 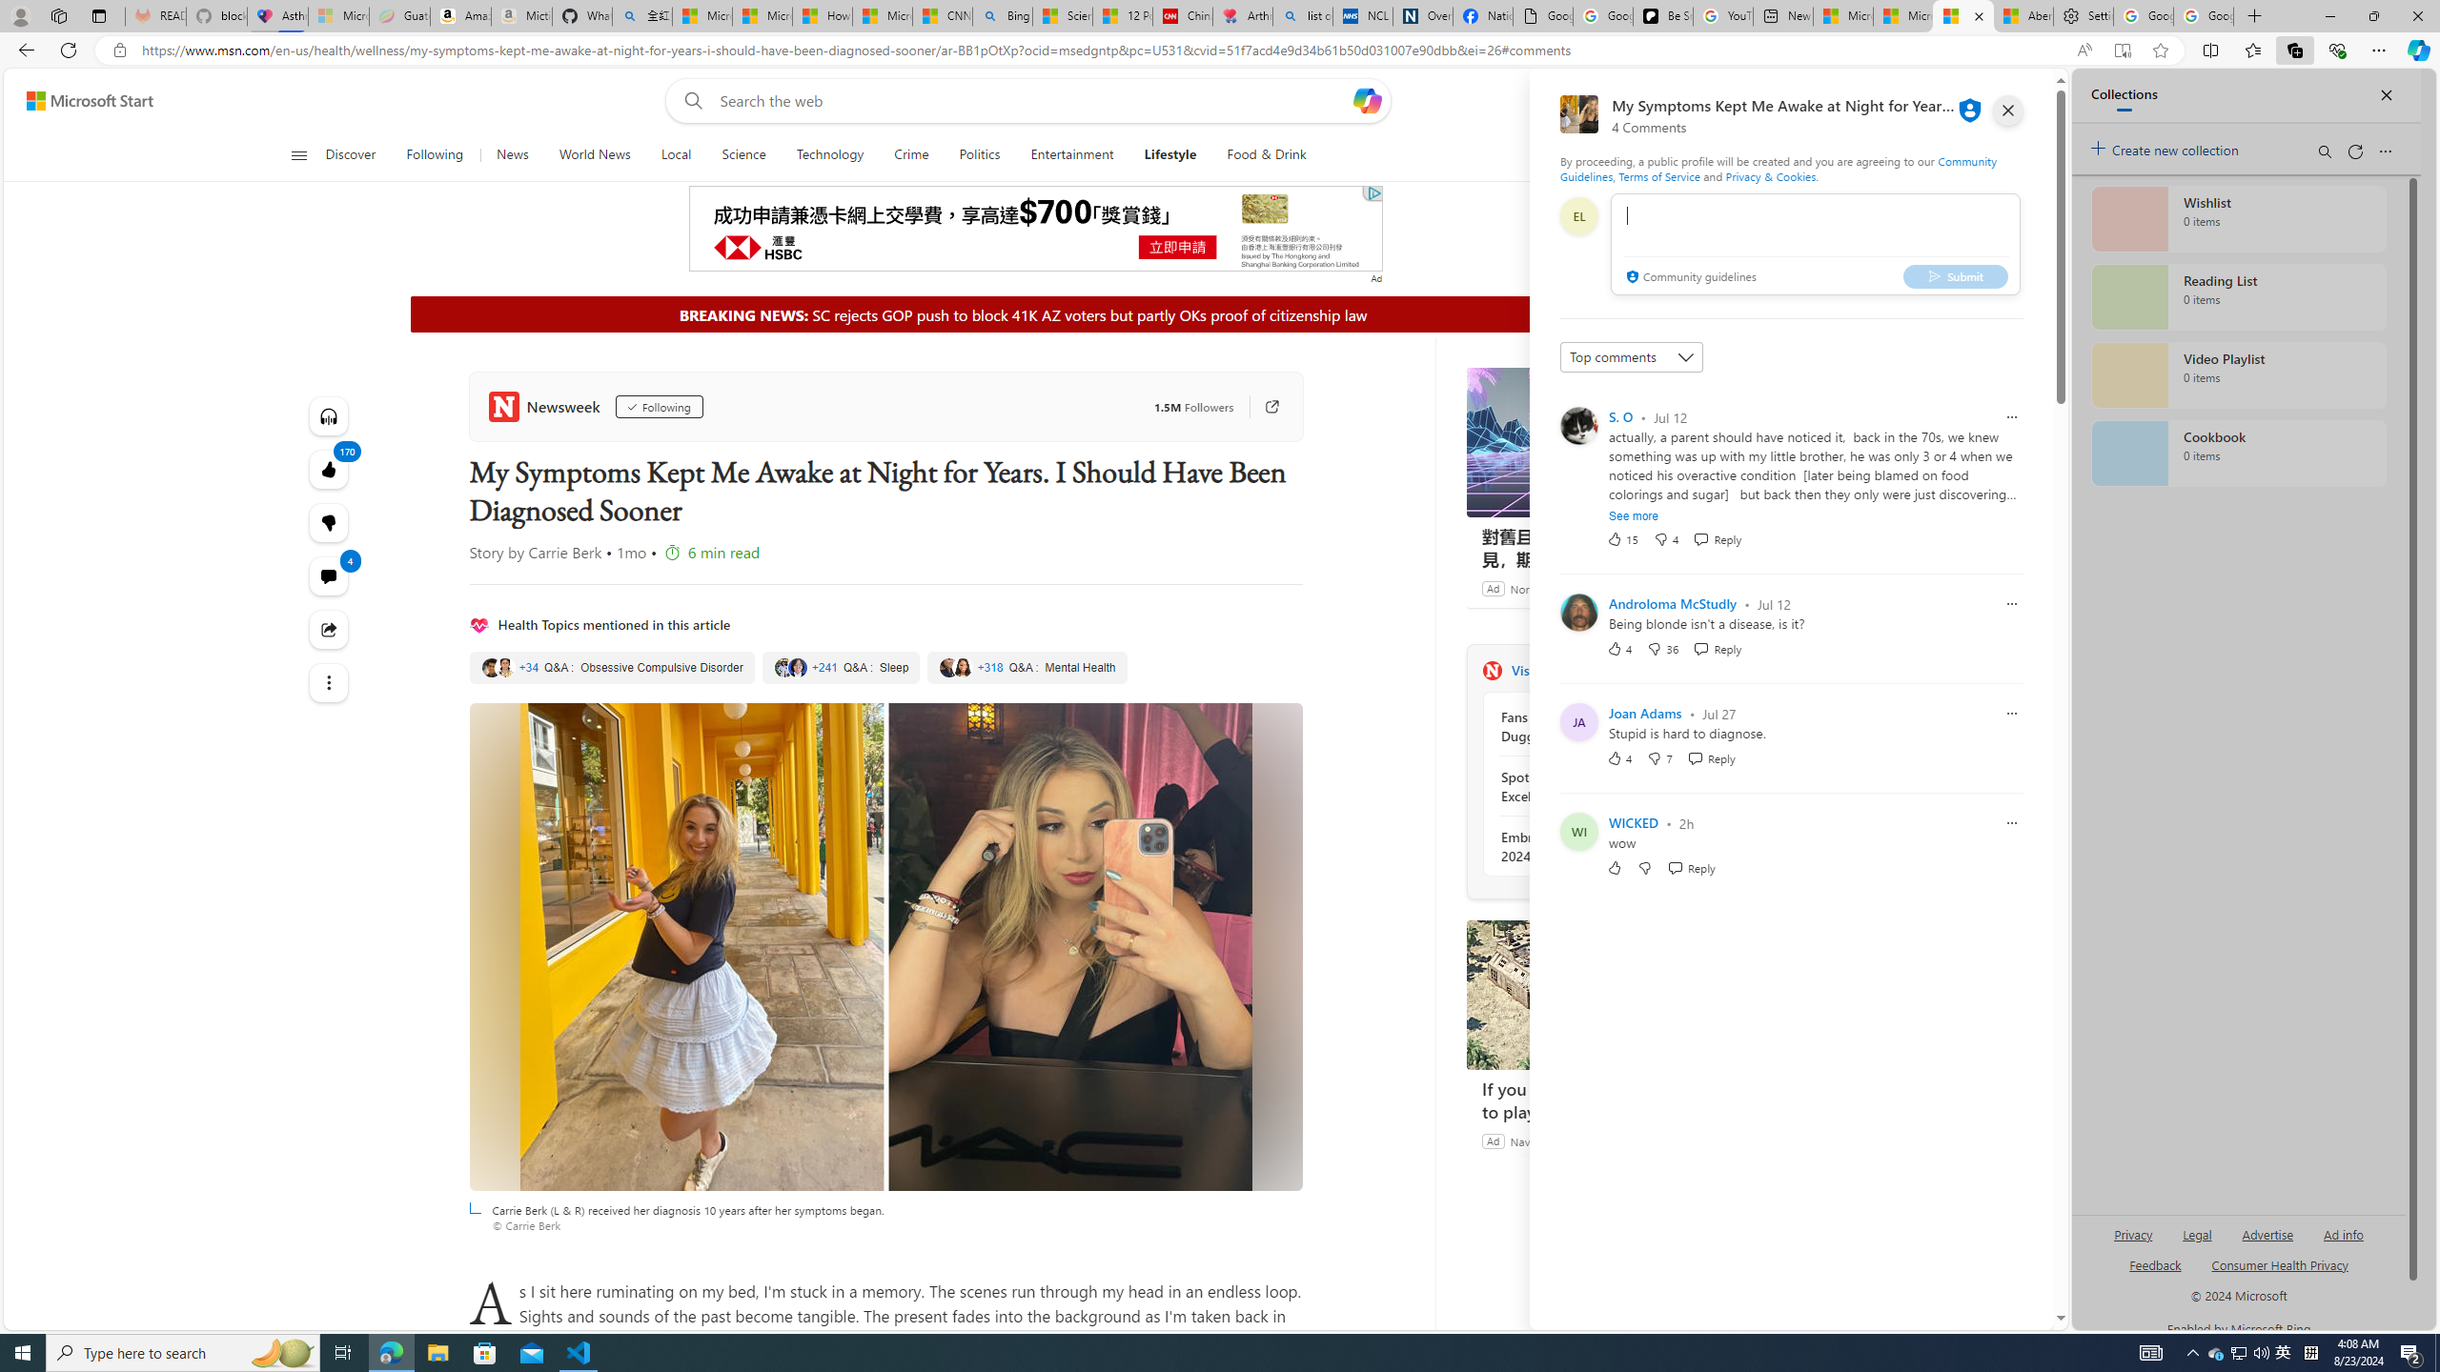 What do you see at coordinates (1608, 994) in the screenshot?
I see `'If you have a mouse, you have to play this game.'` at bounding box center [1608, 994].